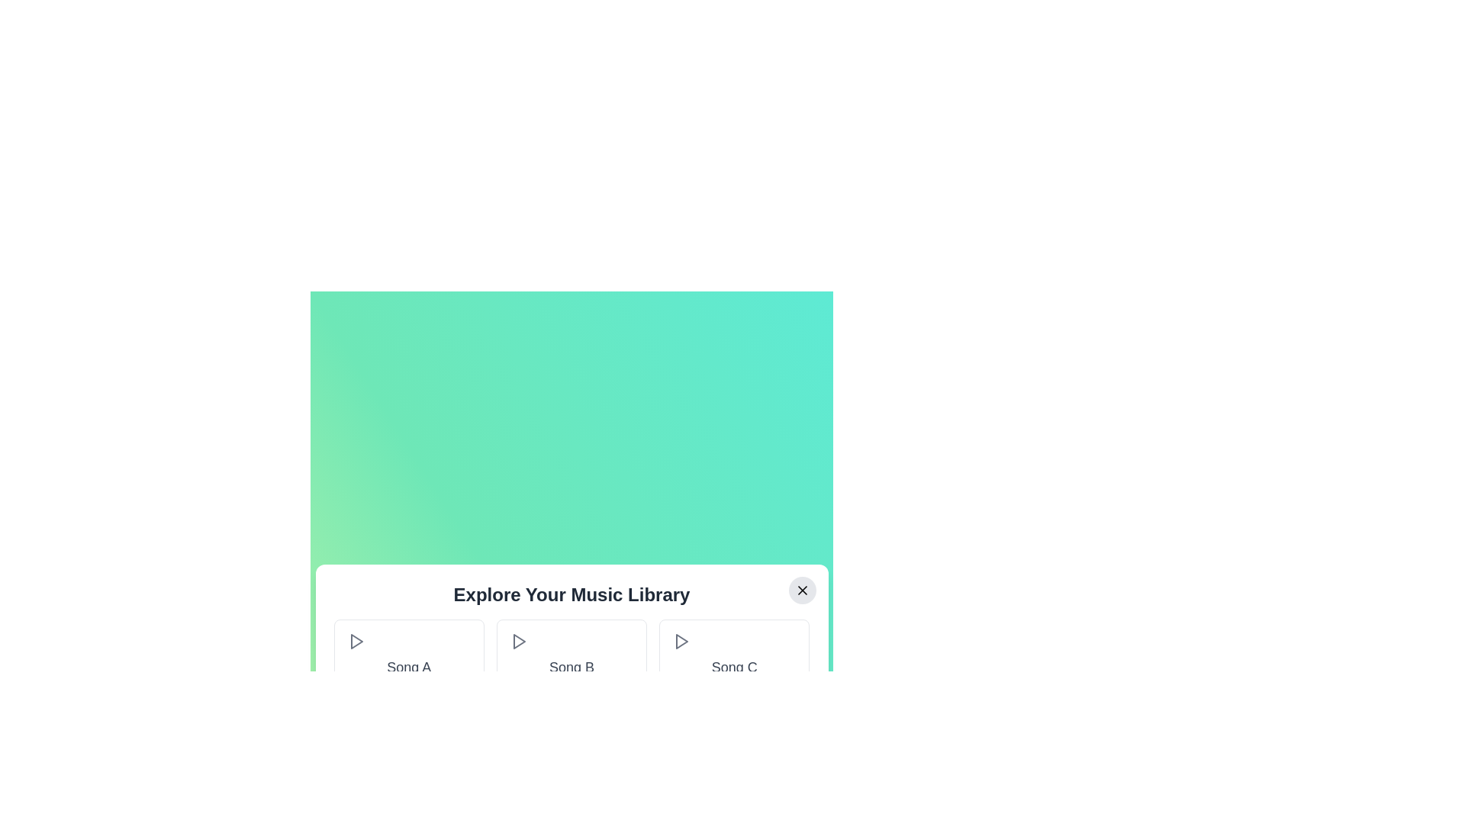  What do you see at coordinates (733, 667) in the screenshot?
I see `the song title Song C for inspection` at bounding box center [733, 667].